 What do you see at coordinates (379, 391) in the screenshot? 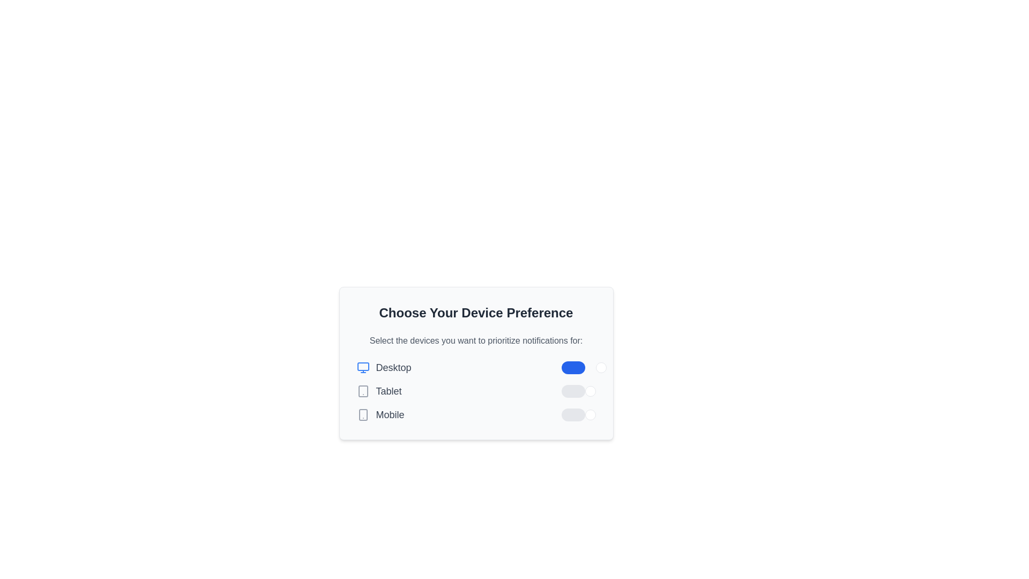
I see `the 'Tablet' text label which is styled in gray and positioned to the right of a tablet icon in the device preference options list` at bounding box center [379, 391].